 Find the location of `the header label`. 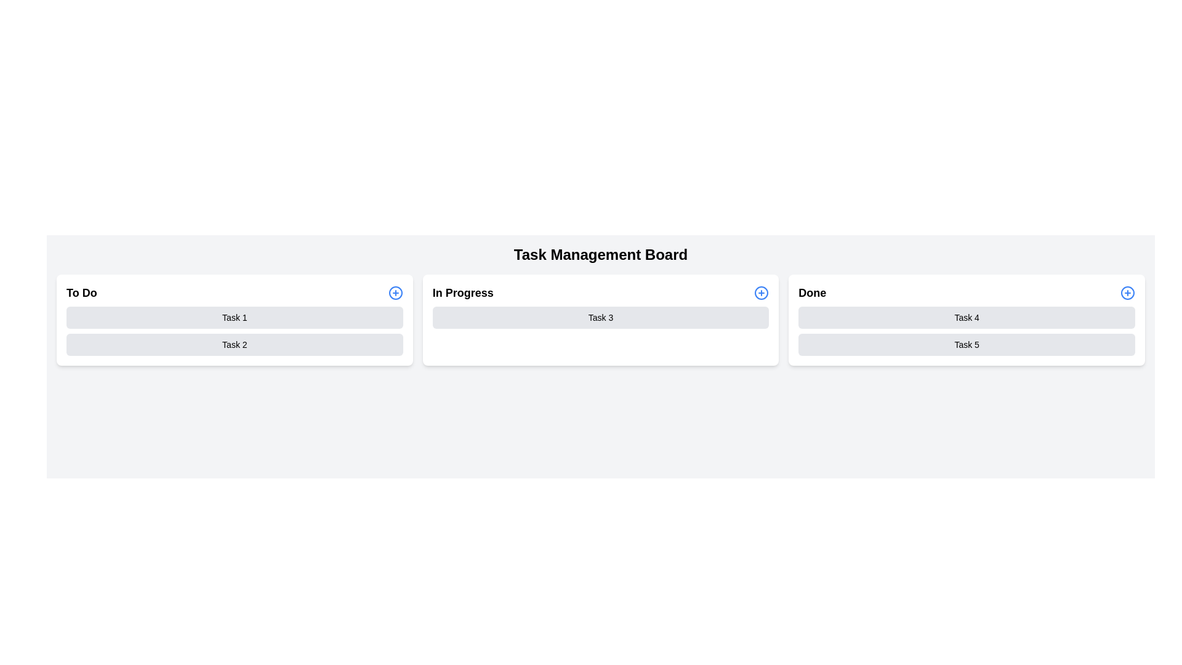

the header label is located at coordinates (81, 292).